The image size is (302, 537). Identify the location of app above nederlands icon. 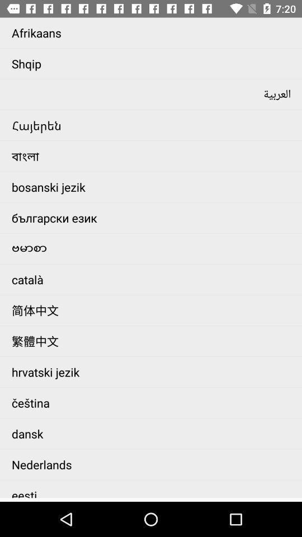
(153, 433).